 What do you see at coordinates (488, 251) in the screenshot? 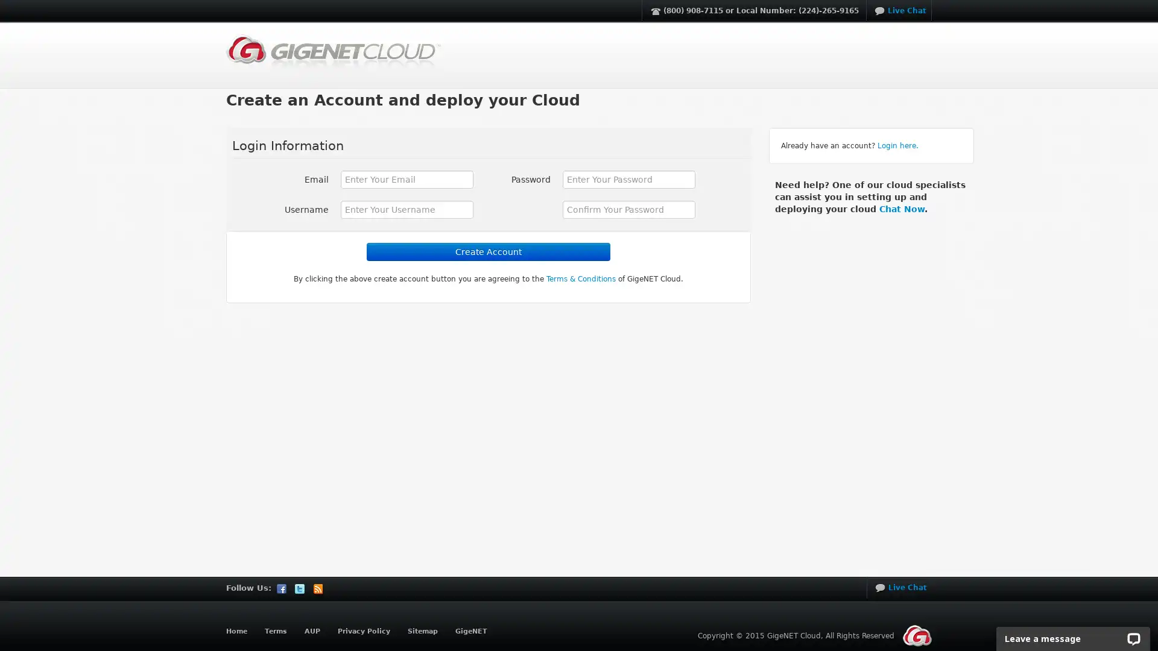
I see `Create Account` at bounding box center [488, 251].